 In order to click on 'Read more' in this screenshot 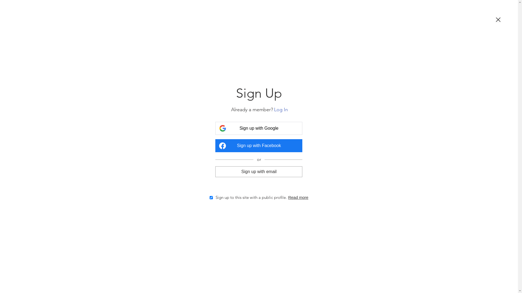, I will do `click(298, 197)`.